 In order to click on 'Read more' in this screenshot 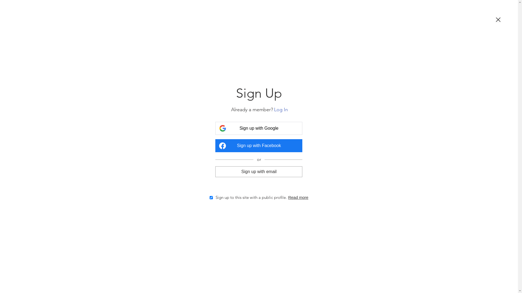, I will do `click(298, 197)`.